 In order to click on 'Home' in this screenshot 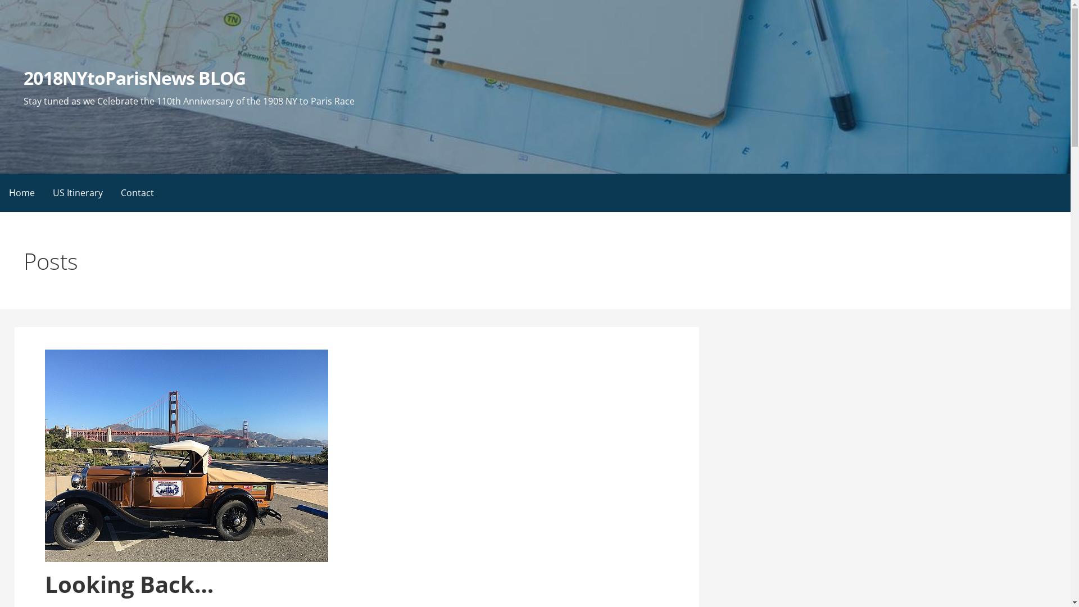, I will do `click(21, 192)`.